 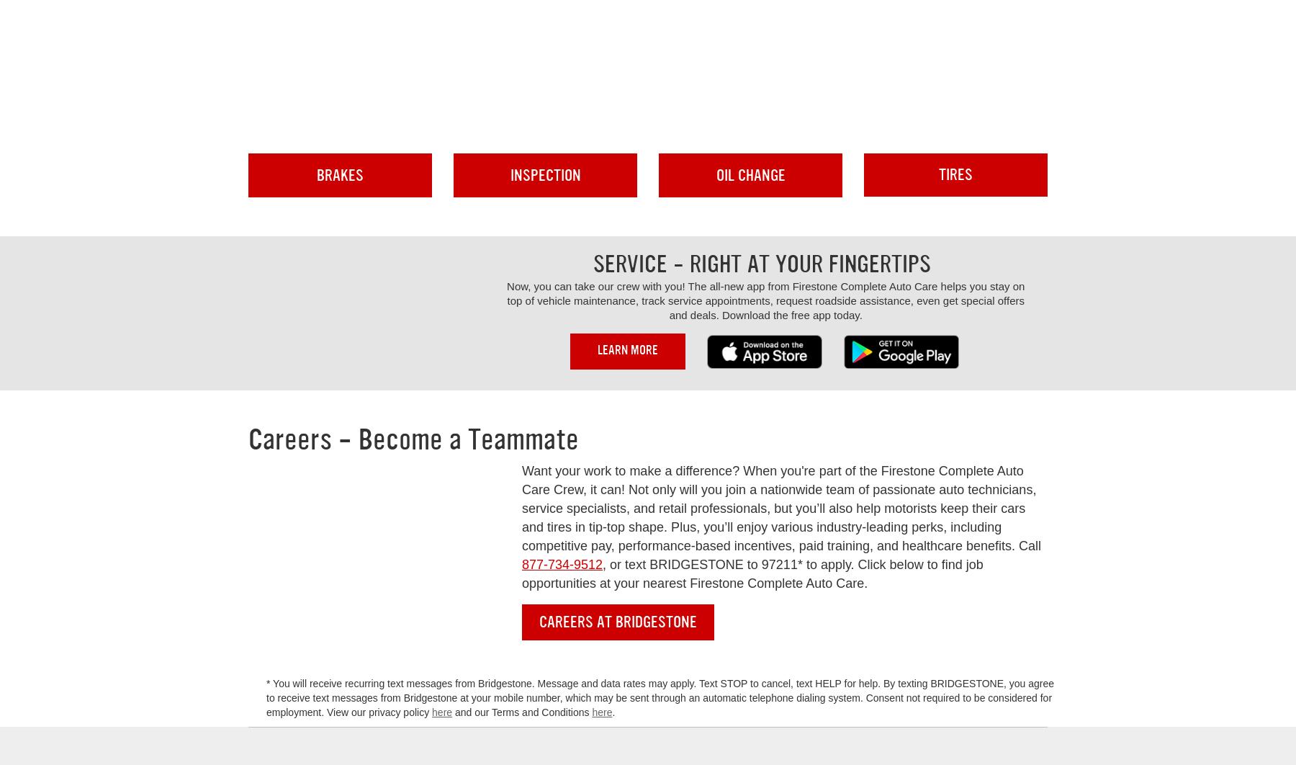 What do you see at coordinates (752, 573) in the screenshot?
I see `', or text BRIDGESTONE to 97211* to apply. Click below to find job opportunities at your nearest Firestone Complete Auto Care.'` at bounding box center [752, 573].